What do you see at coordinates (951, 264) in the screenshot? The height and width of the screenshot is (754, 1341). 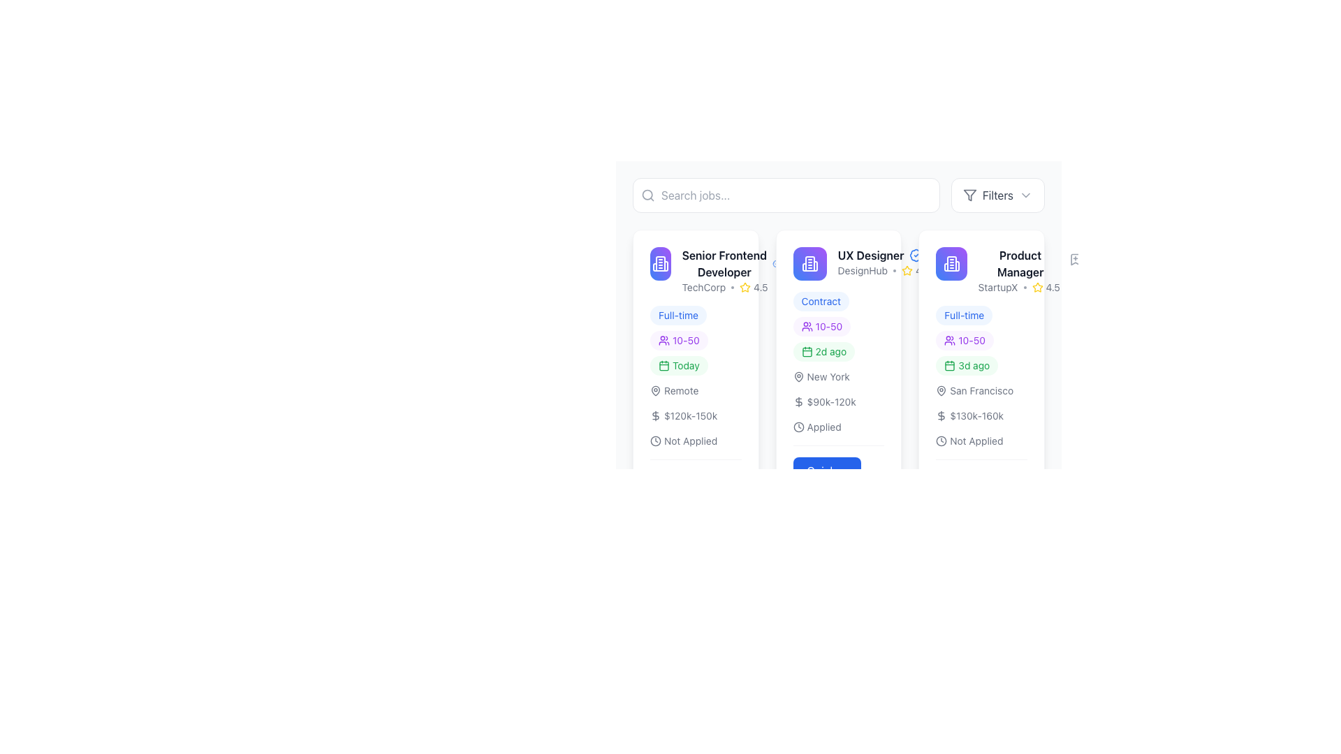 I see `the small building outline icon with a gradient background located at the top-left corner of the middle card in the interface` at bounding box center [951, 264].